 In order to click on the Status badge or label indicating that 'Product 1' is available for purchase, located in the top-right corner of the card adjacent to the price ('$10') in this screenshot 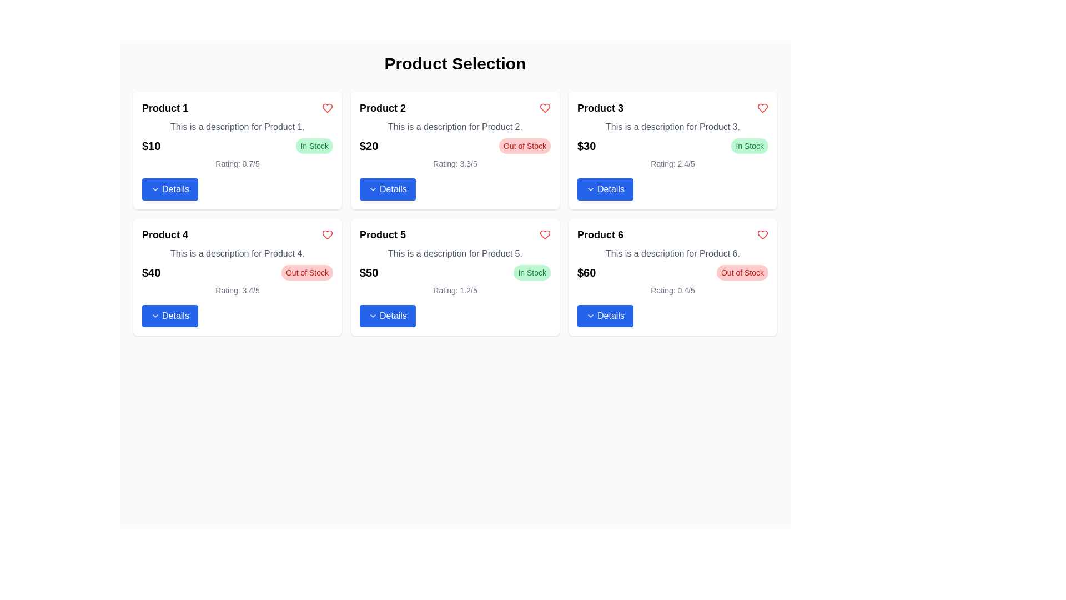, I will do `click(314, 145)`.